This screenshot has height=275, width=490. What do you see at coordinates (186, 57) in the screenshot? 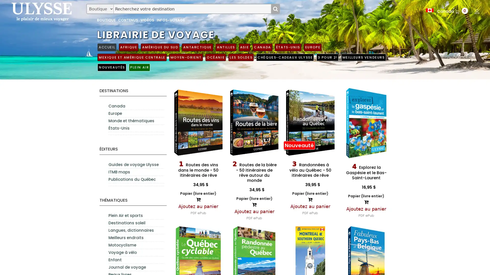
I see `MOYEN-ORIENT` at bounding box center [186, 57].